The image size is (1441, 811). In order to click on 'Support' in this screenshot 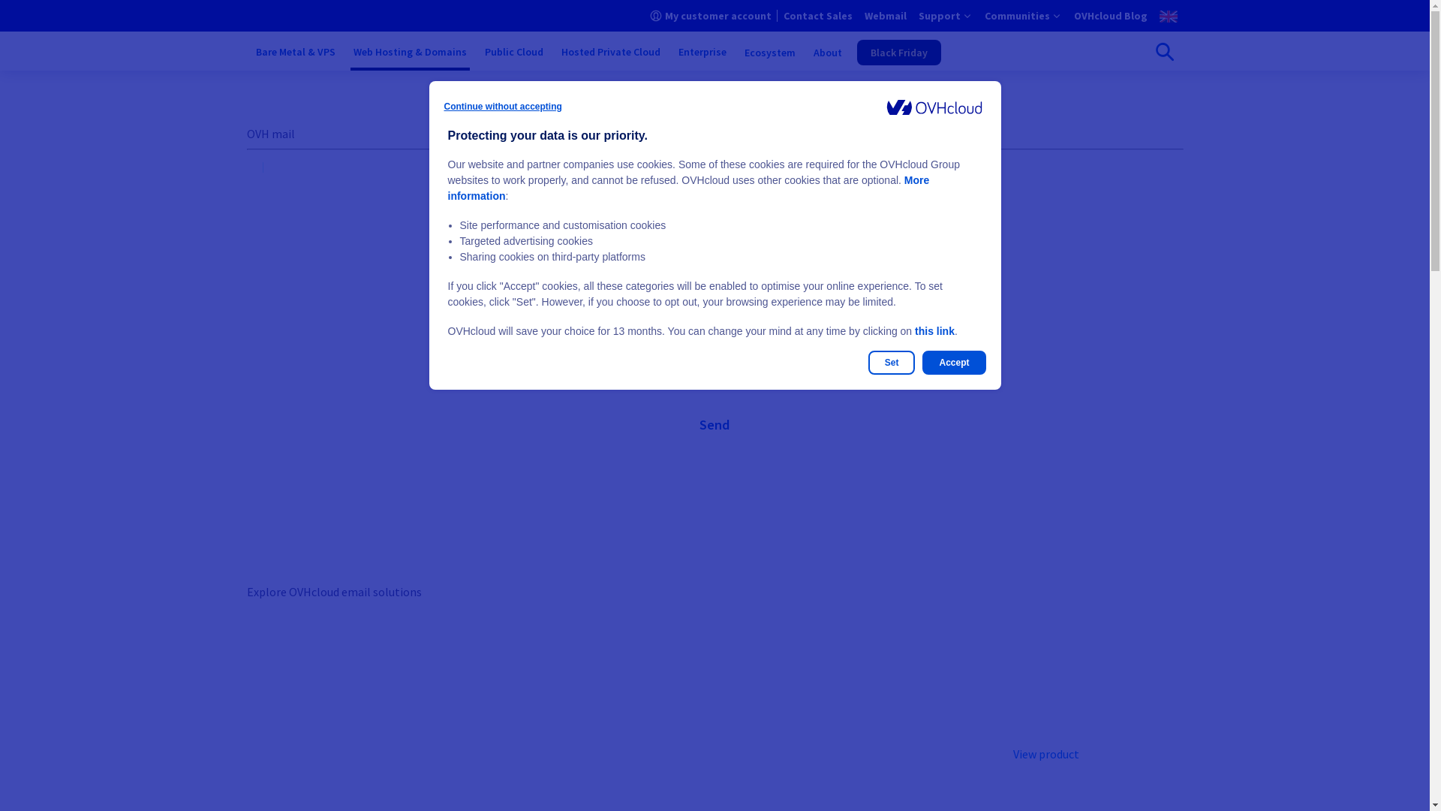, I will do `click(944, 15)`.